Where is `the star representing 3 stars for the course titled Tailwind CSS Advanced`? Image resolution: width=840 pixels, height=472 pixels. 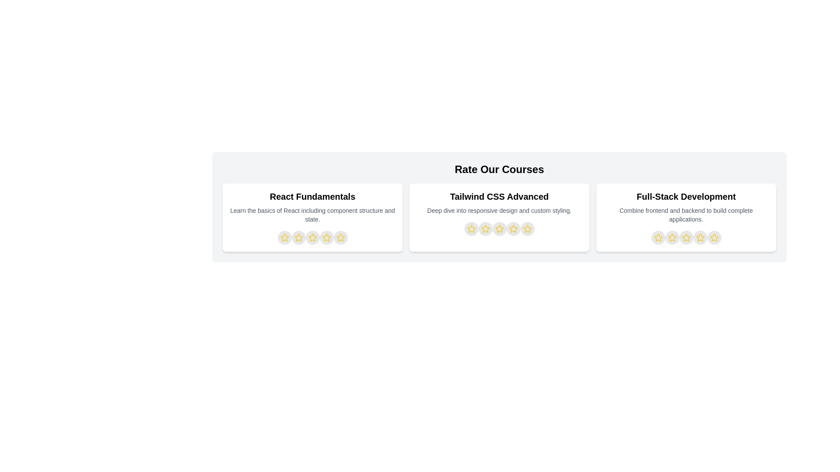 the star representing 3 stars for the course titled Tailwind CSS Advanced is located at coordinates (499, 229).